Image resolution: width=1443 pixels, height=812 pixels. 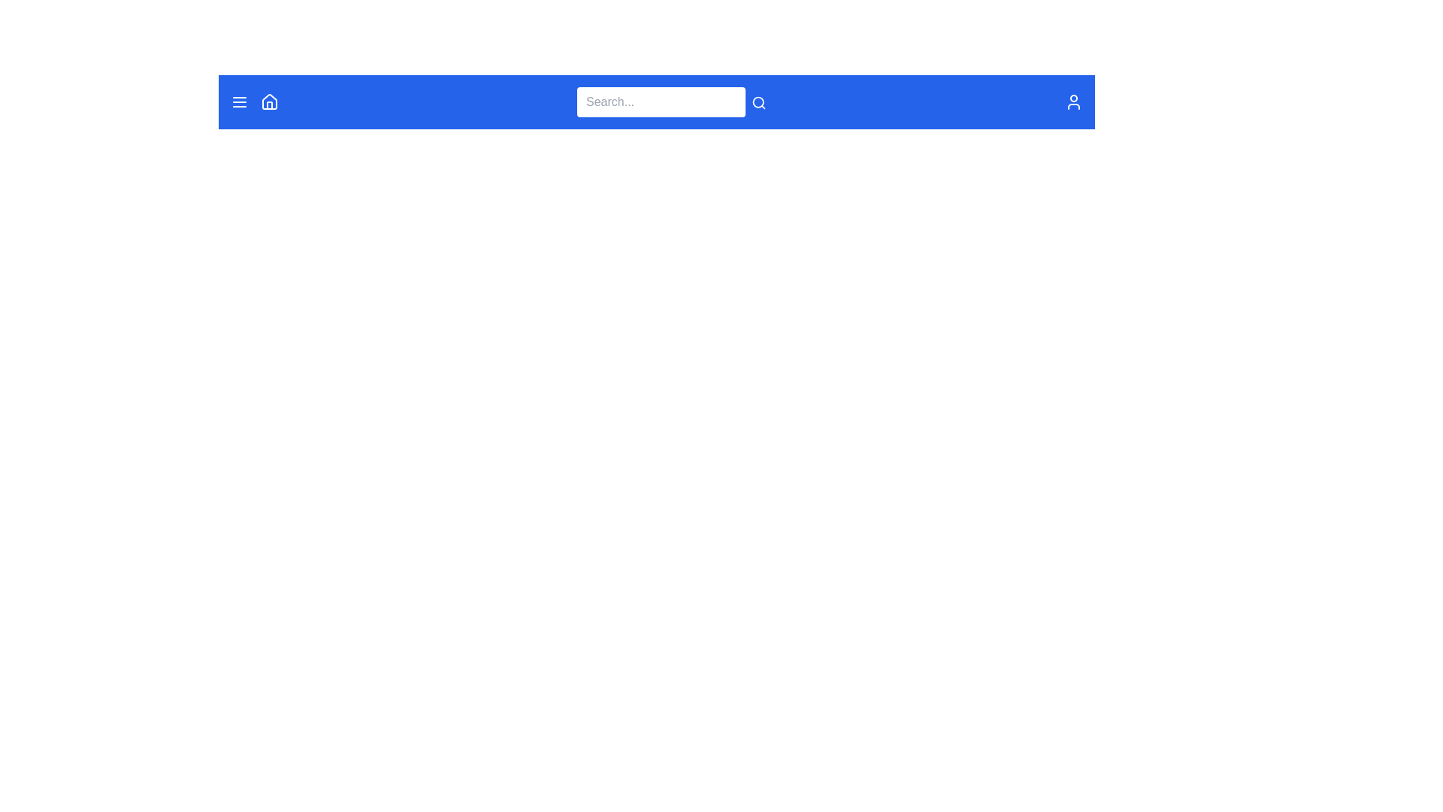 What do you see at coordinates (270, 101) in the screenshot?
I see `the 'Home' icon located in the top navigation bar, which is the second icon in a horizontal row` at bounding box center [270, 101].